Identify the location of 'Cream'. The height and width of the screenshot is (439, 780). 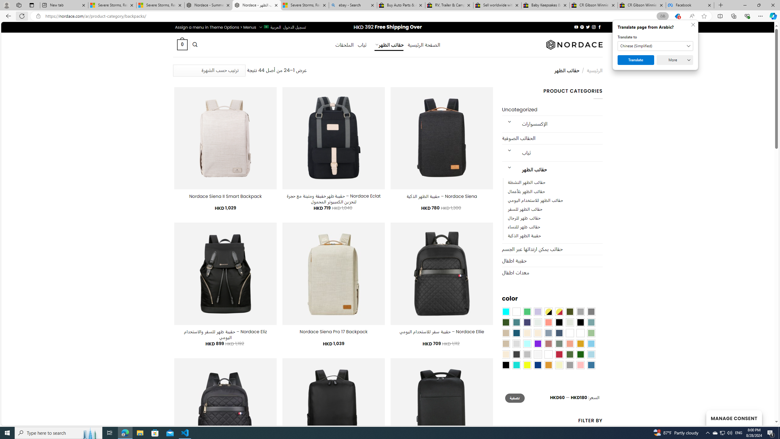
(538, 333).